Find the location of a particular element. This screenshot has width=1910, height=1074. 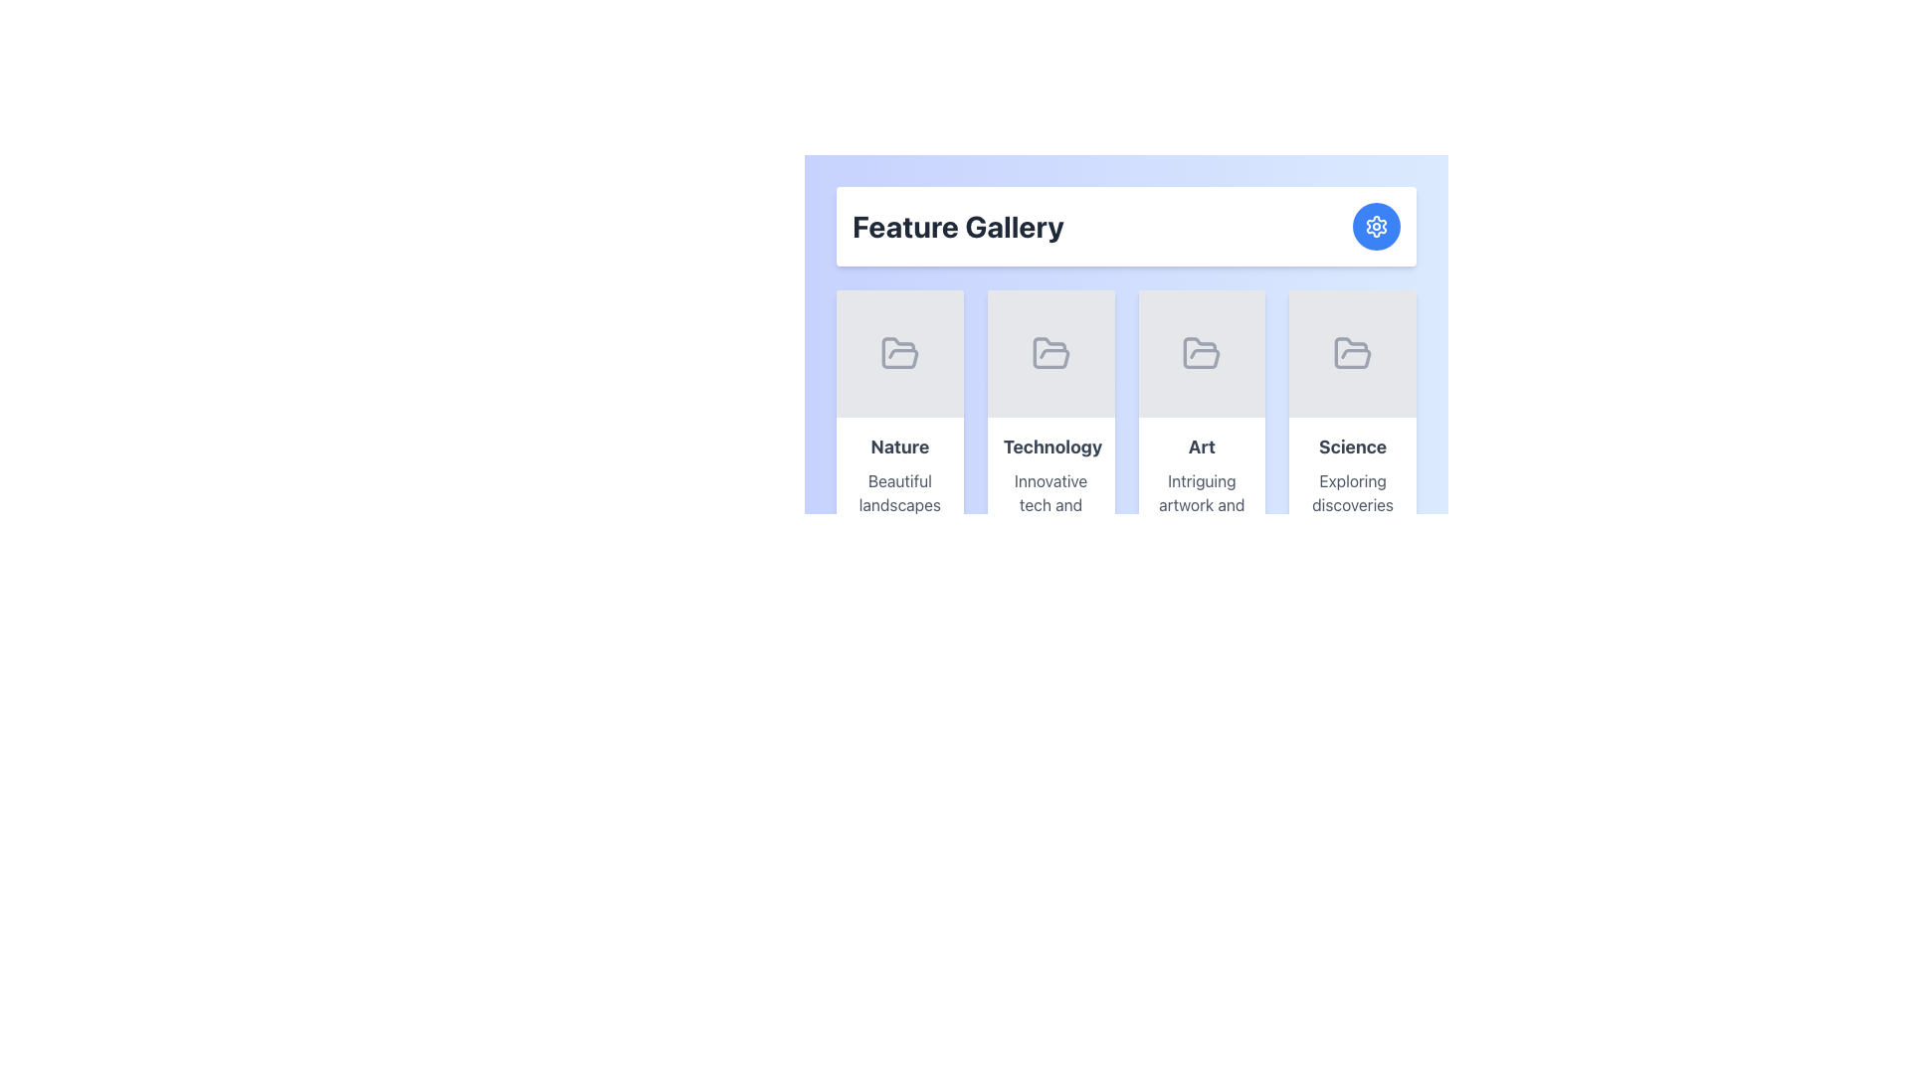

the gray folder icon in the second column of the grid layout is located at coordinates (1050, 352).